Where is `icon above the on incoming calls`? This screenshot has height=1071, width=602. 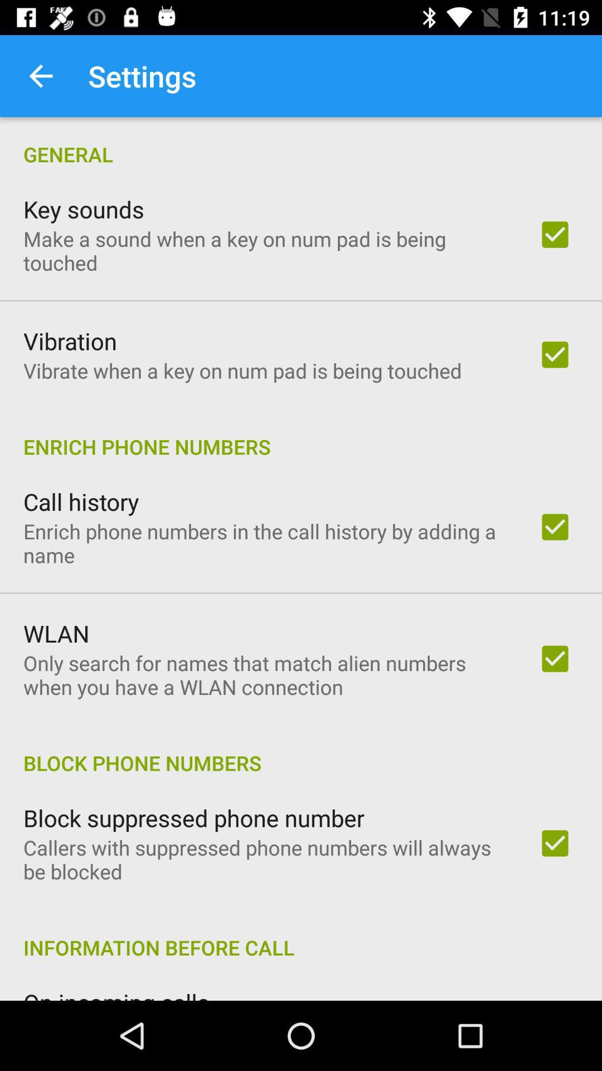 icon above the on incoming calls is located at coordinates (301, 935).